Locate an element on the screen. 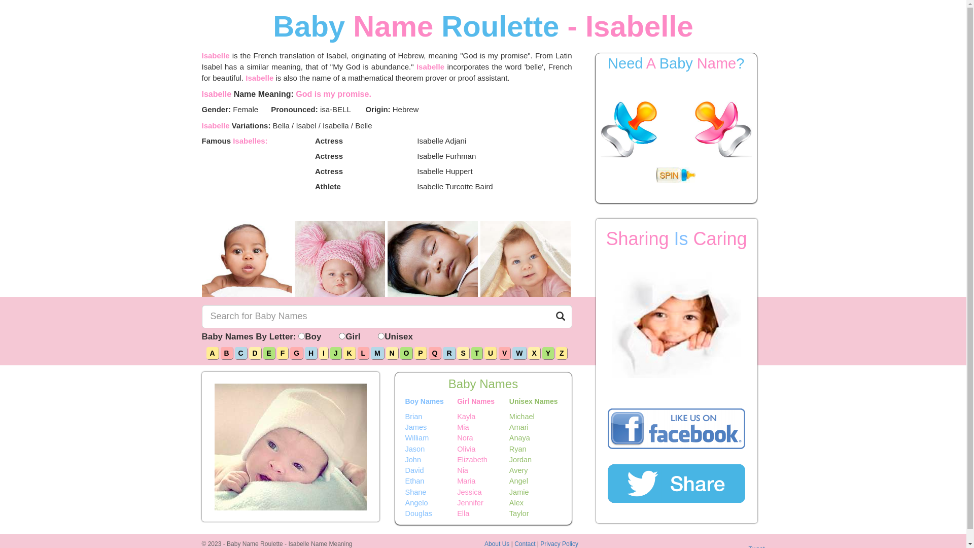  'T' is located at coordinates (476, 352).